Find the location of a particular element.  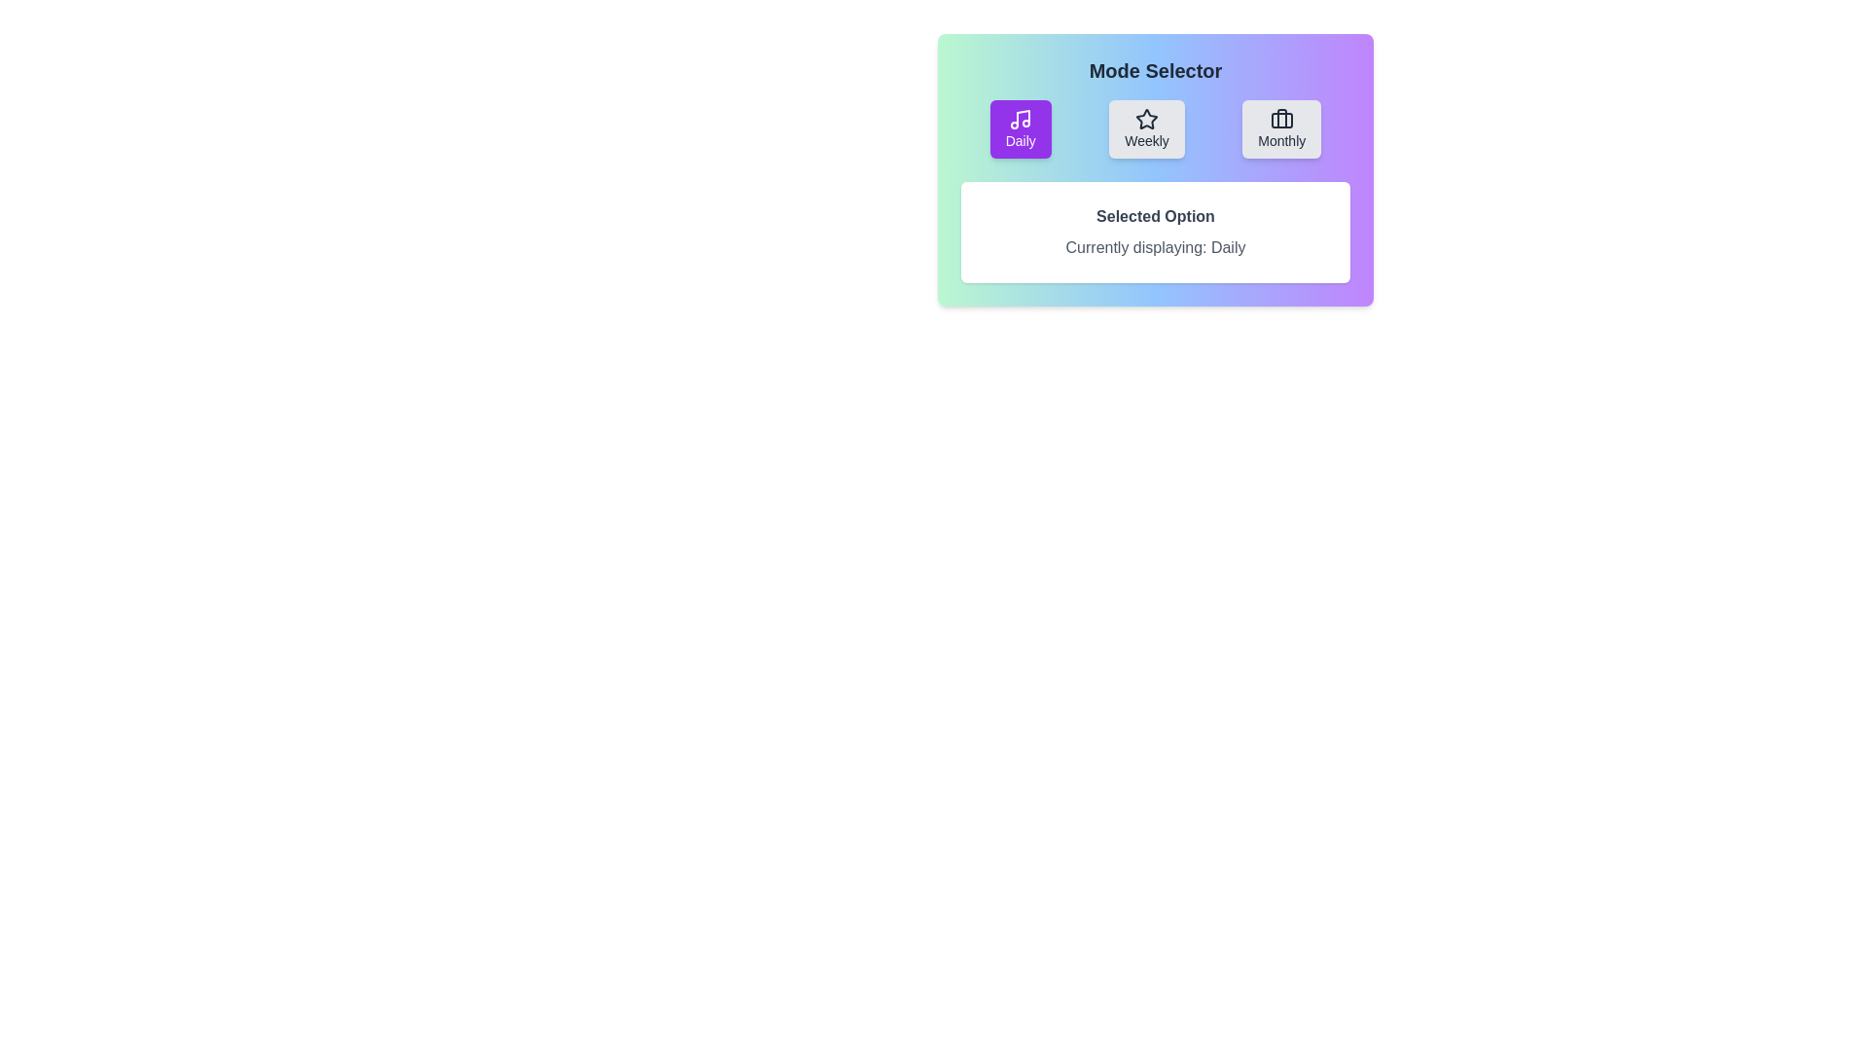

the 'Monthly' text label, which is part of a button-like component in the mode selector interface, located at the bottom center of the 'Monthly' button is located at coordinates (1281, 140).